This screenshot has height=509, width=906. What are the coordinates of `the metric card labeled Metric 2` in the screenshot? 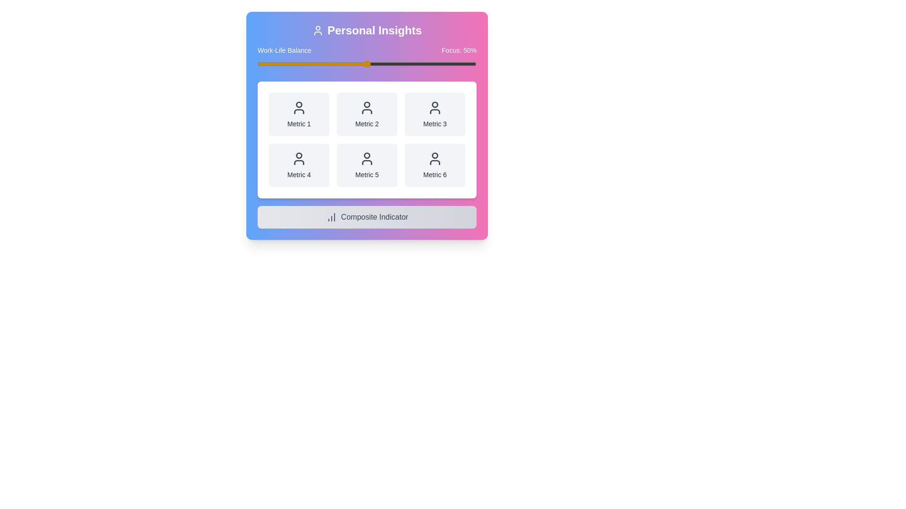 It's located at (366, 114).